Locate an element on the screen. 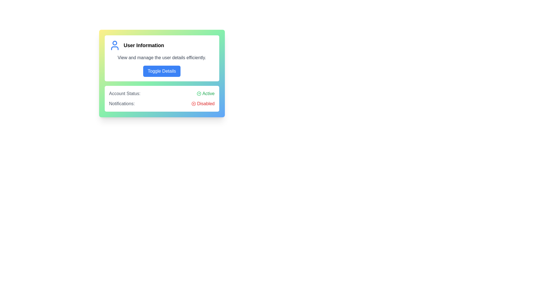 Image resolution: width=539 pixels, height=303 pixels. the 'Active' status label with icon located next to 'Account Status:' in the Account Status section is located at coordinates (205, 93).